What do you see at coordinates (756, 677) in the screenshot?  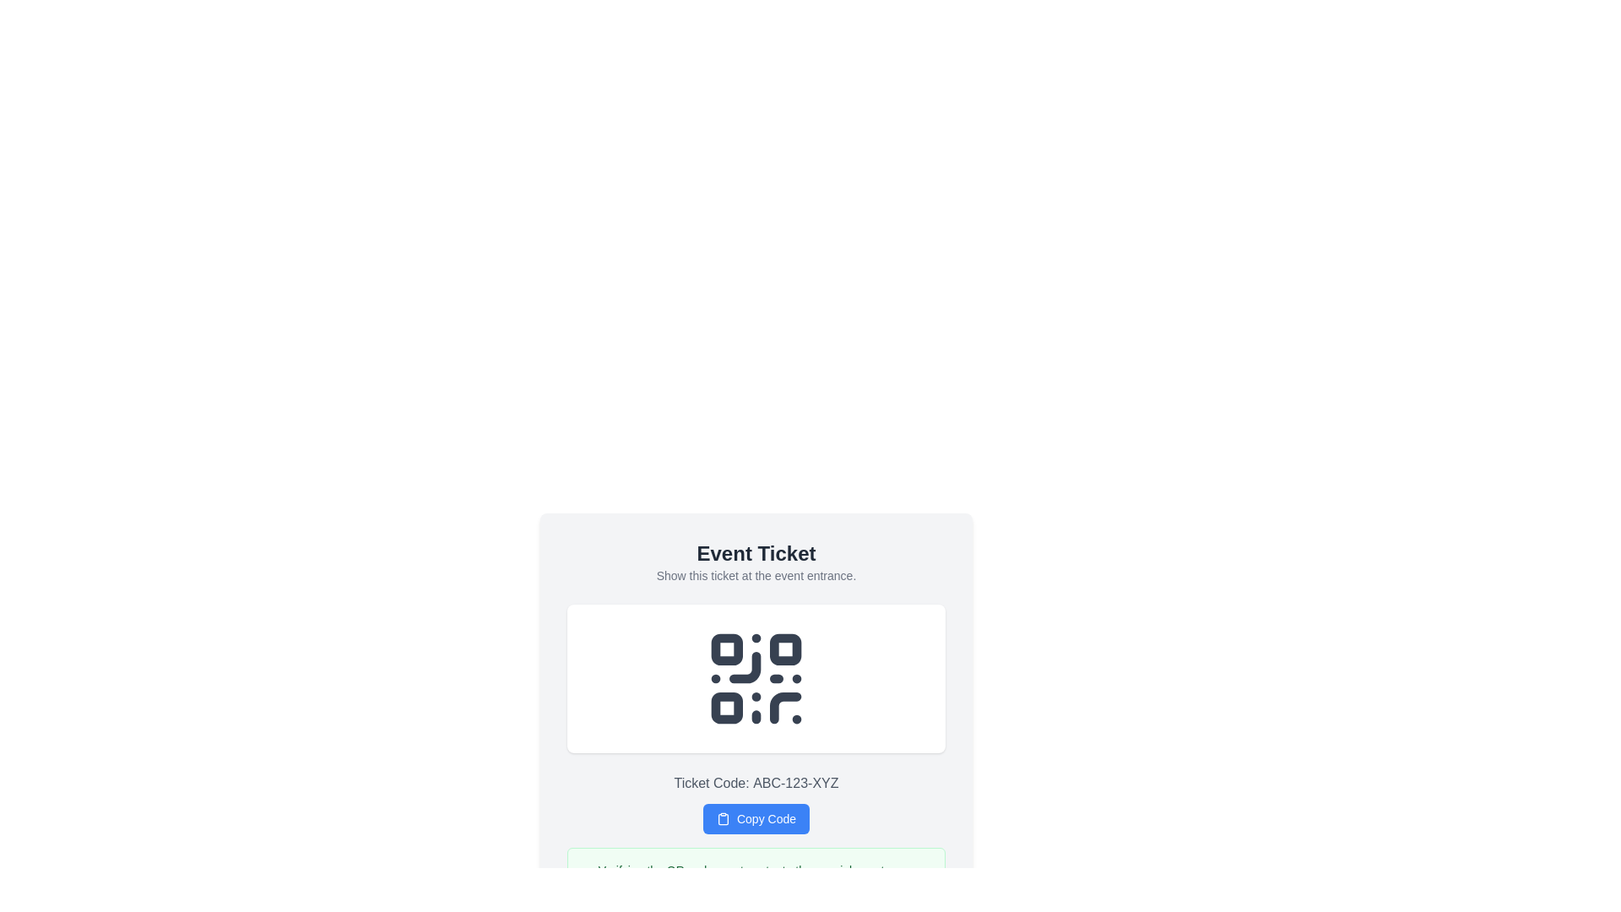 I see `the QR code icon located centrally within the white rectangular box beneath the 'Event Ticket' text to scan the QR code` at bounding box center [756, 677].